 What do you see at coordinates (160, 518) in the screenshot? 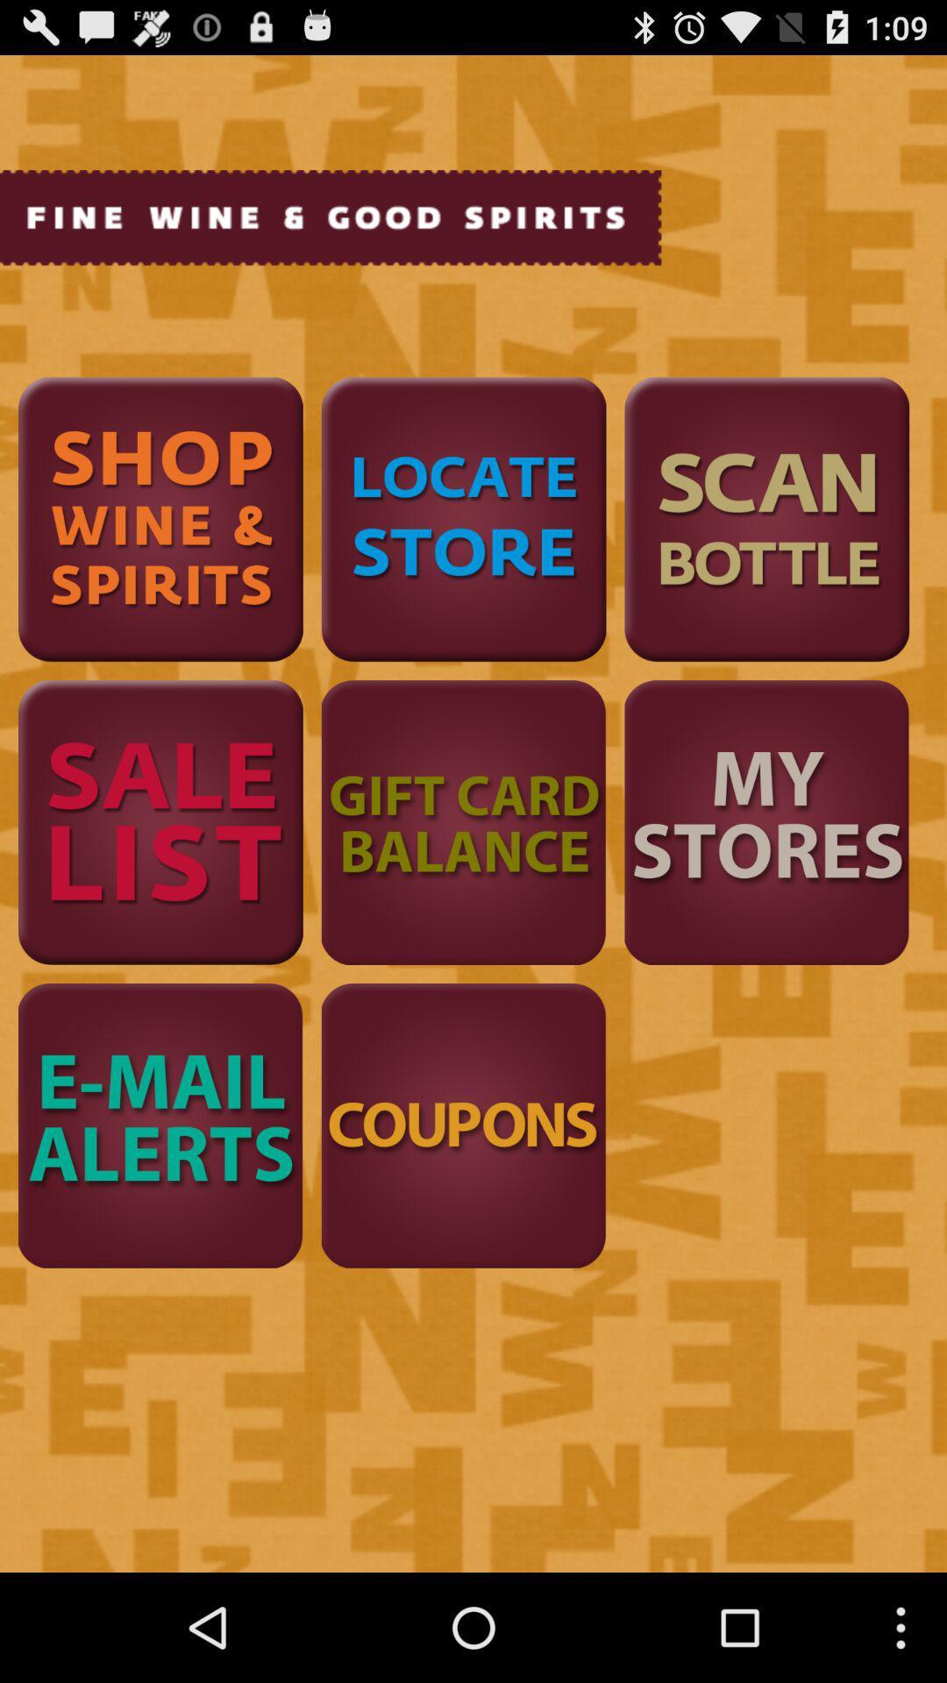
I see `shop wine spirits` at bounding box center [160, 518].